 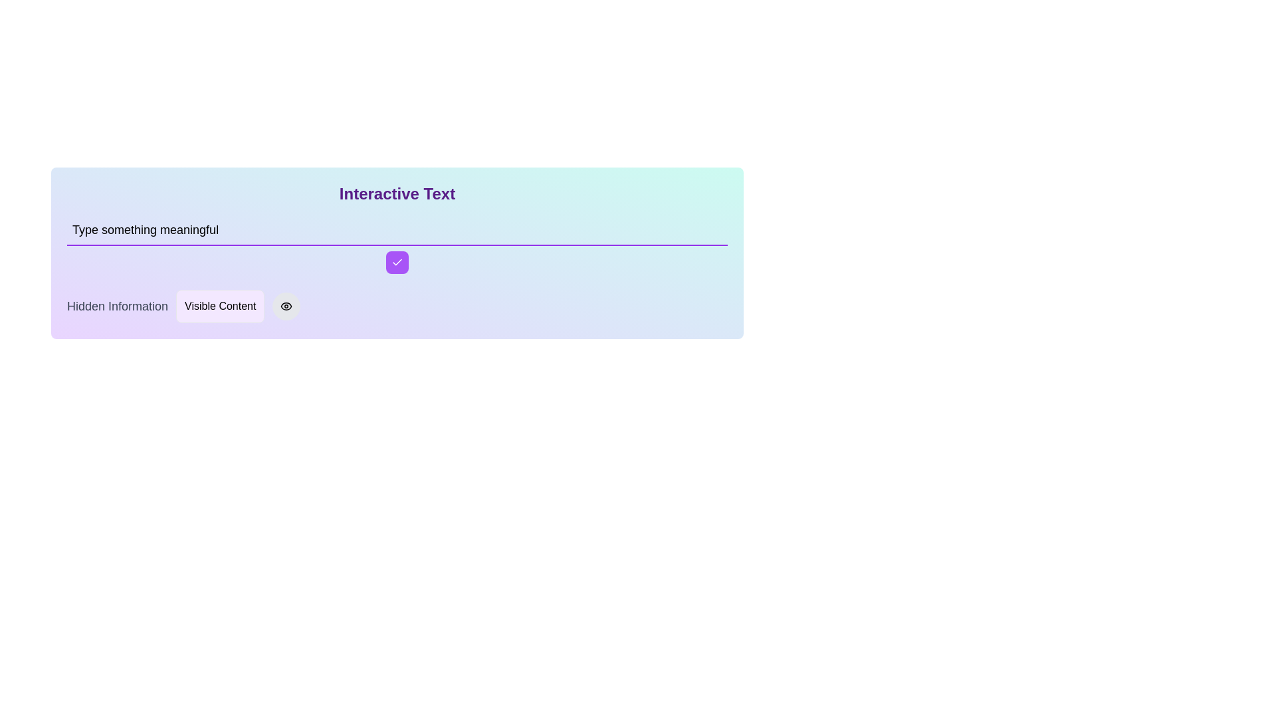 I want to click on the visibility toggle button, so click(x=286, y=306).